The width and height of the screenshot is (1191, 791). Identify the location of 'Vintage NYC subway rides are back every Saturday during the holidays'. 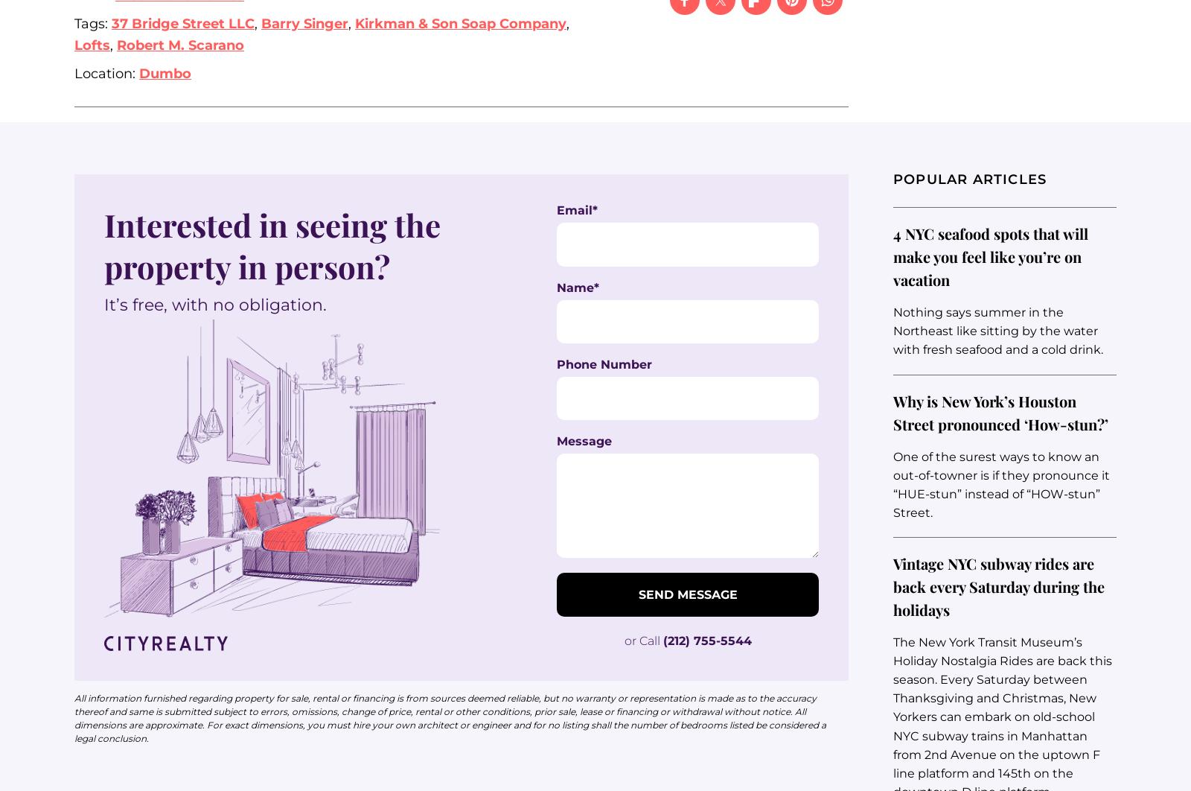
(997, 585).